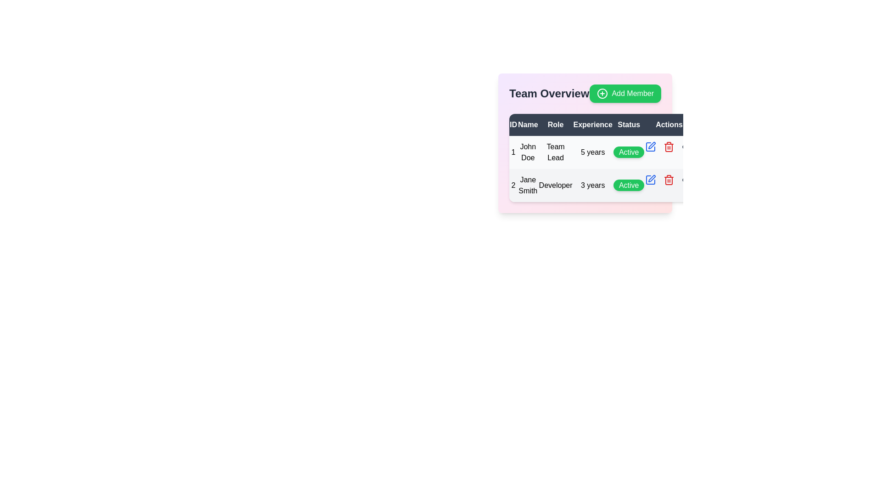  What do you see at coordinates (528, 152) in the screenshot?
I see `the text element displaying the name of a person in the team overview table, located in the 'Name' column of the first row, between ID '1' and the role 'Team Lead'` at bounding box center [528, 152].